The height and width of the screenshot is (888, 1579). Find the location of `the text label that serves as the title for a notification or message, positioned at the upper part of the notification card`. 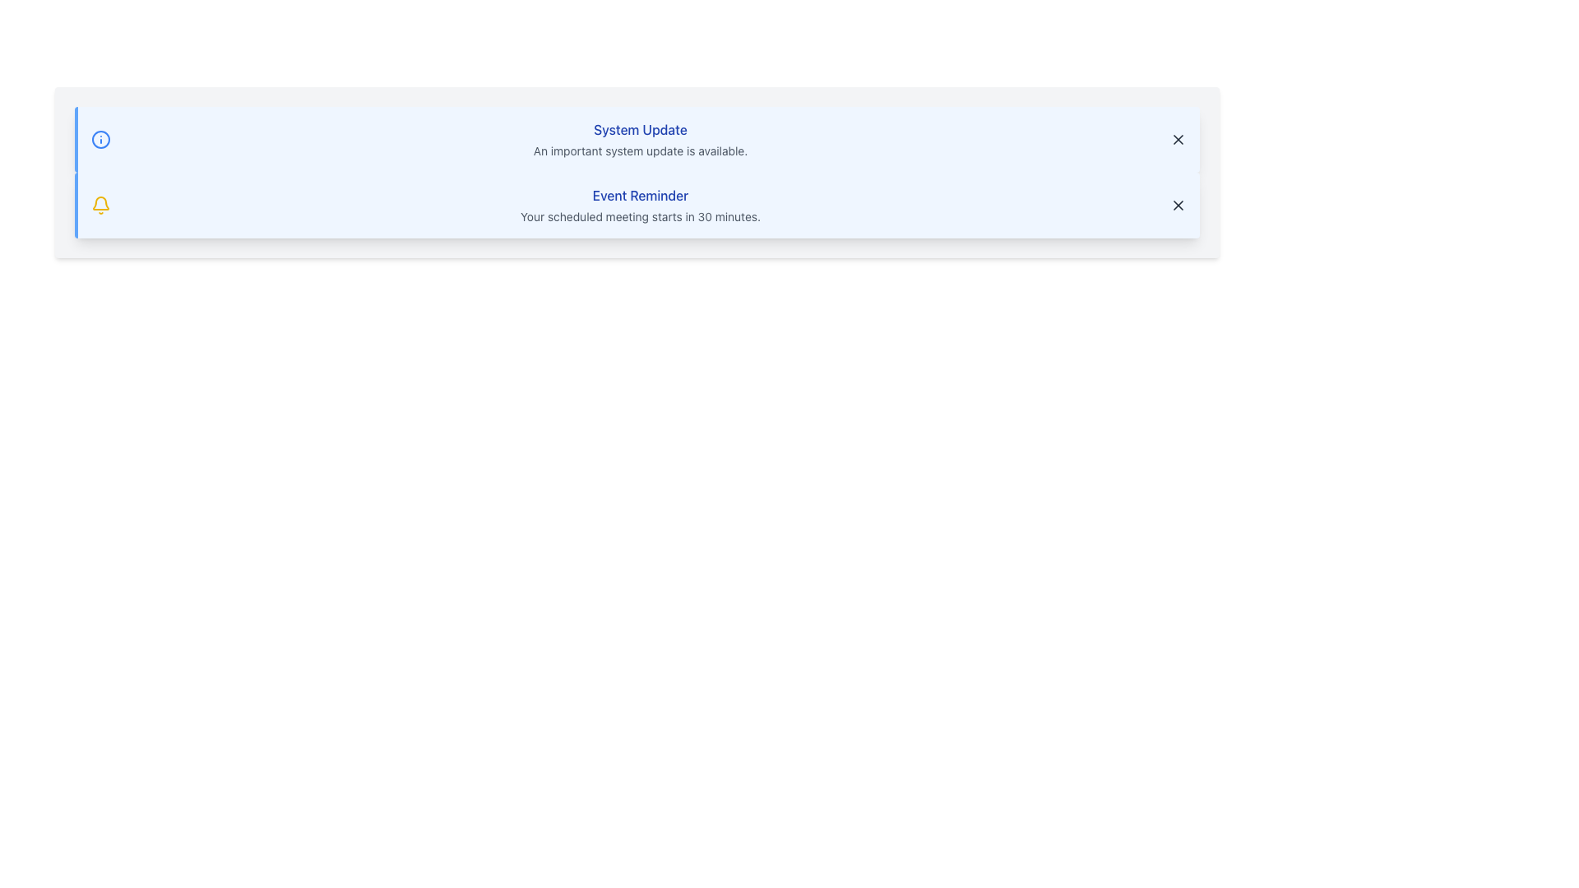

the text label that serves as the title for a notification or message, positioned at the upper part of the notification card is located at coordinates (639, 129).